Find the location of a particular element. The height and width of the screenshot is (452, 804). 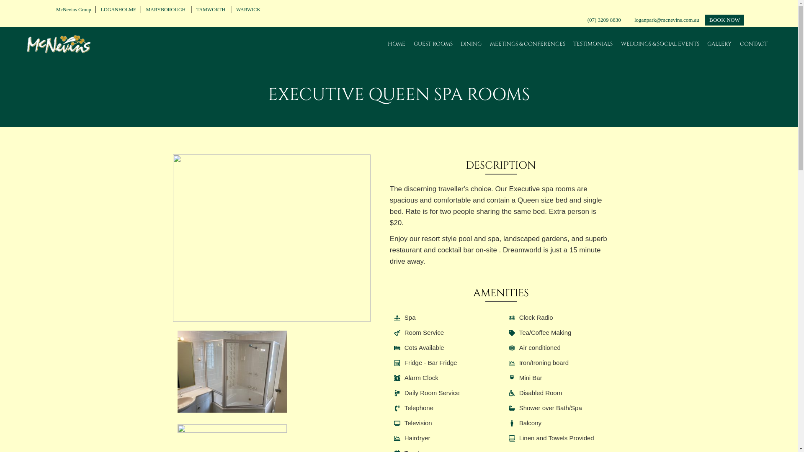

'HOME' is located at coordinates (396, 44).